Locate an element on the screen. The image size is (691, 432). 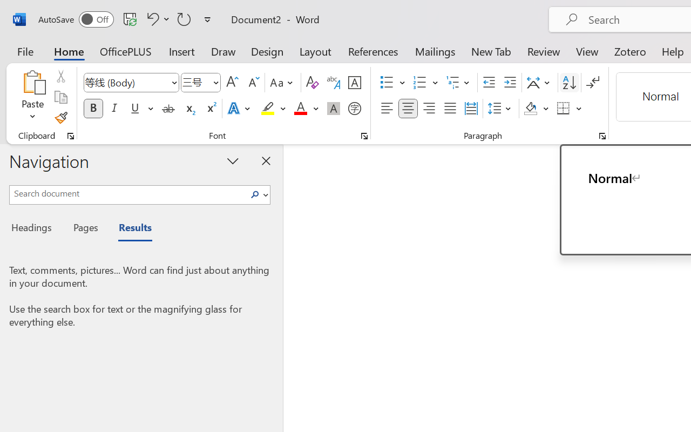
'Text Effects and Typography' is located at coordinates (239, 109).